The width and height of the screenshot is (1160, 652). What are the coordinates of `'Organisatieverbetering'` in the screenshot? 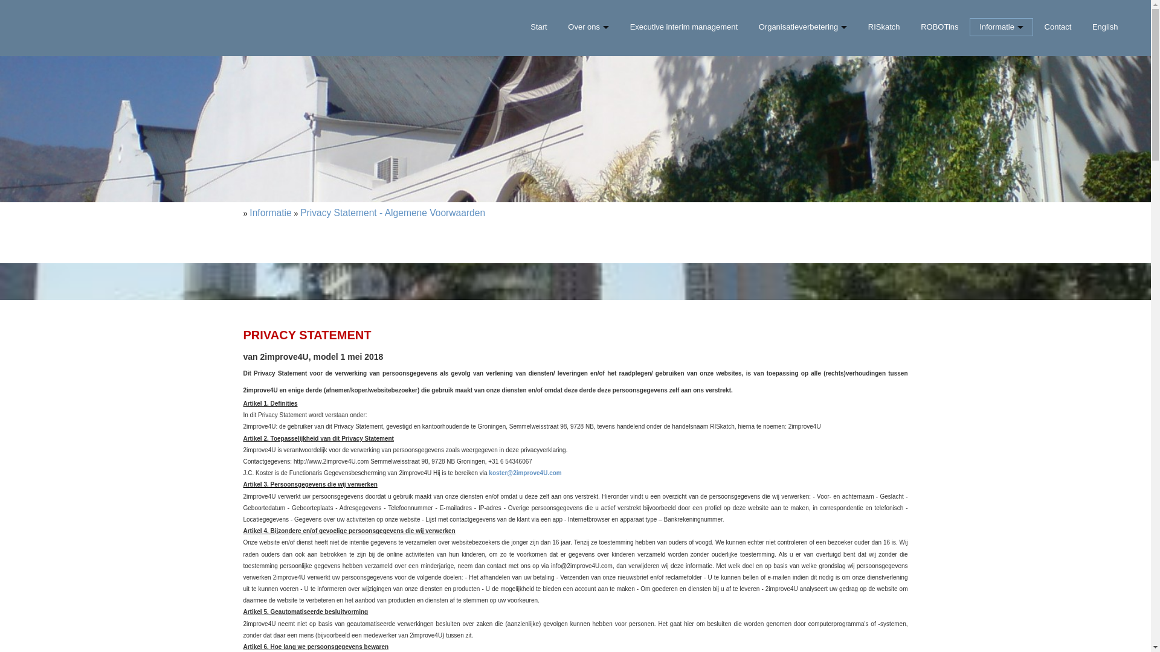 It's located at (802, 27).